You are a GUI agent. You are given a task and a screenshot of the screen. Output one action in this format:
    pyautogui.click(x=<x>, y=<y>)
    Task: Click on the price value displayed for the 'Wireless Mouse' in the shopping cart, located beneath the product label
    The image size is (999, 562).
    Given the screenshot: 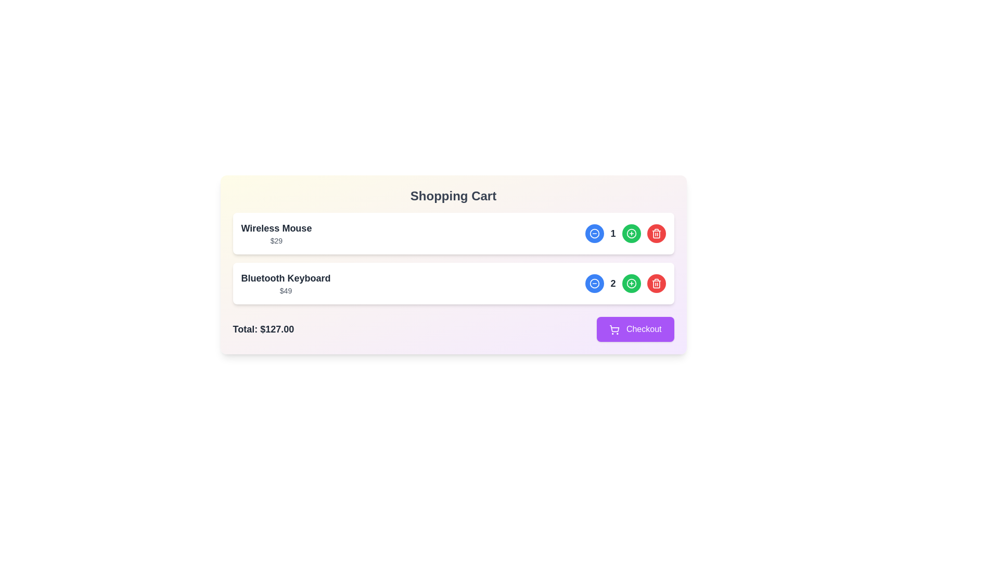 What is the action you would take?
    pyautogui.click(x=276, y=240)
    